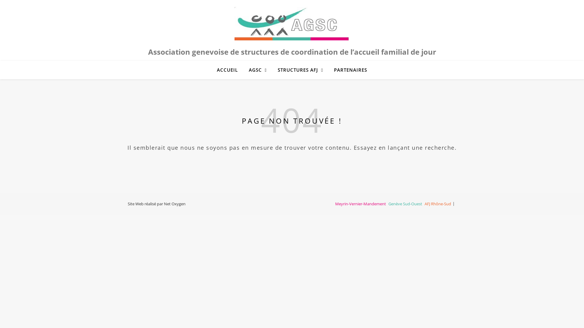 The image size is (584, 328). I want to click on 'Net Oxygen', so click(164, 204).